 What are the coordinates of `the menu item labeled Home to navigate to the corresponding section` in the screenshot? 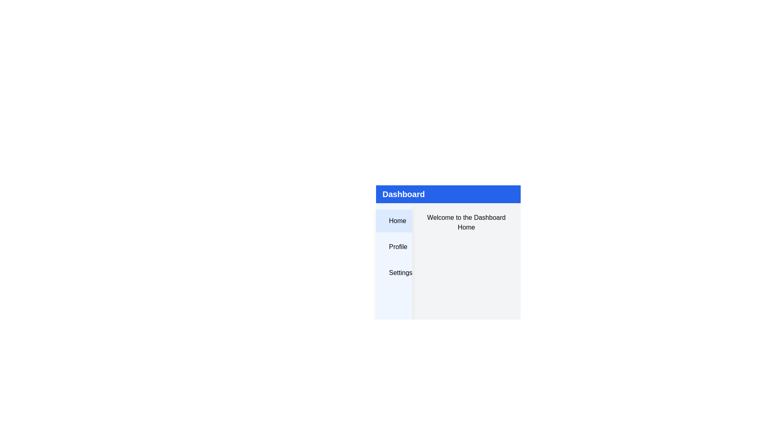 It's located at (393, 221).